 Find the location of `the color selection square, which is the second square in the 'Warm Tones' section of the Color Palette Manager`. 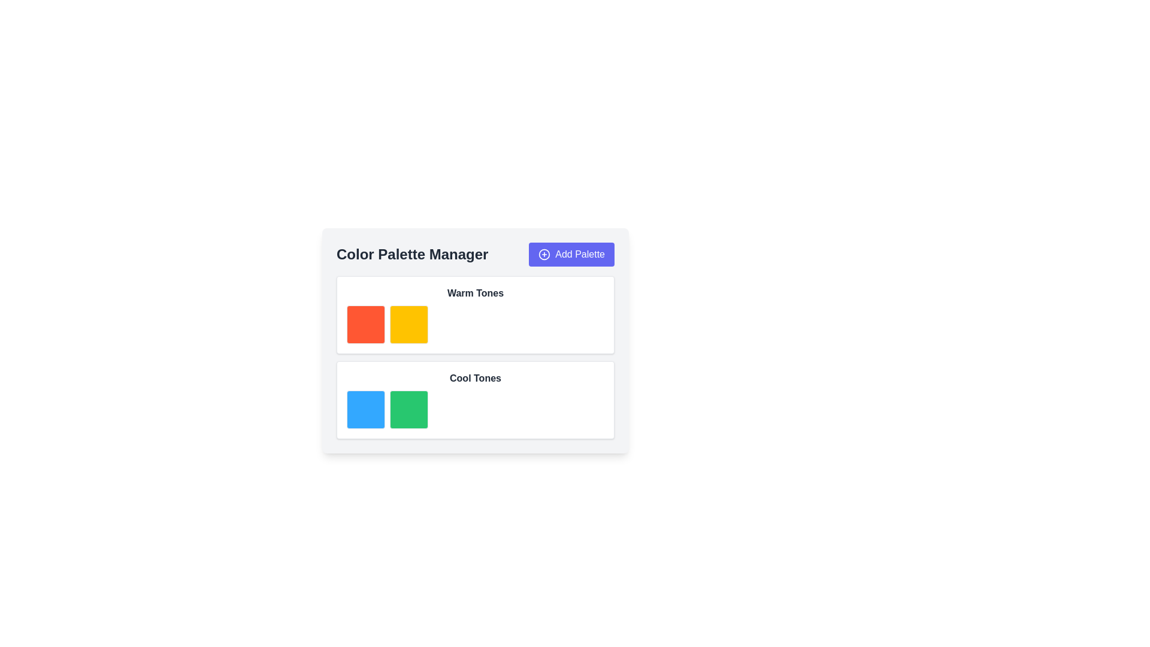

the color selection square, which is the second square in the 'Warm Tones' section of the Color Palette Manager is located at coordinates (408, 325).